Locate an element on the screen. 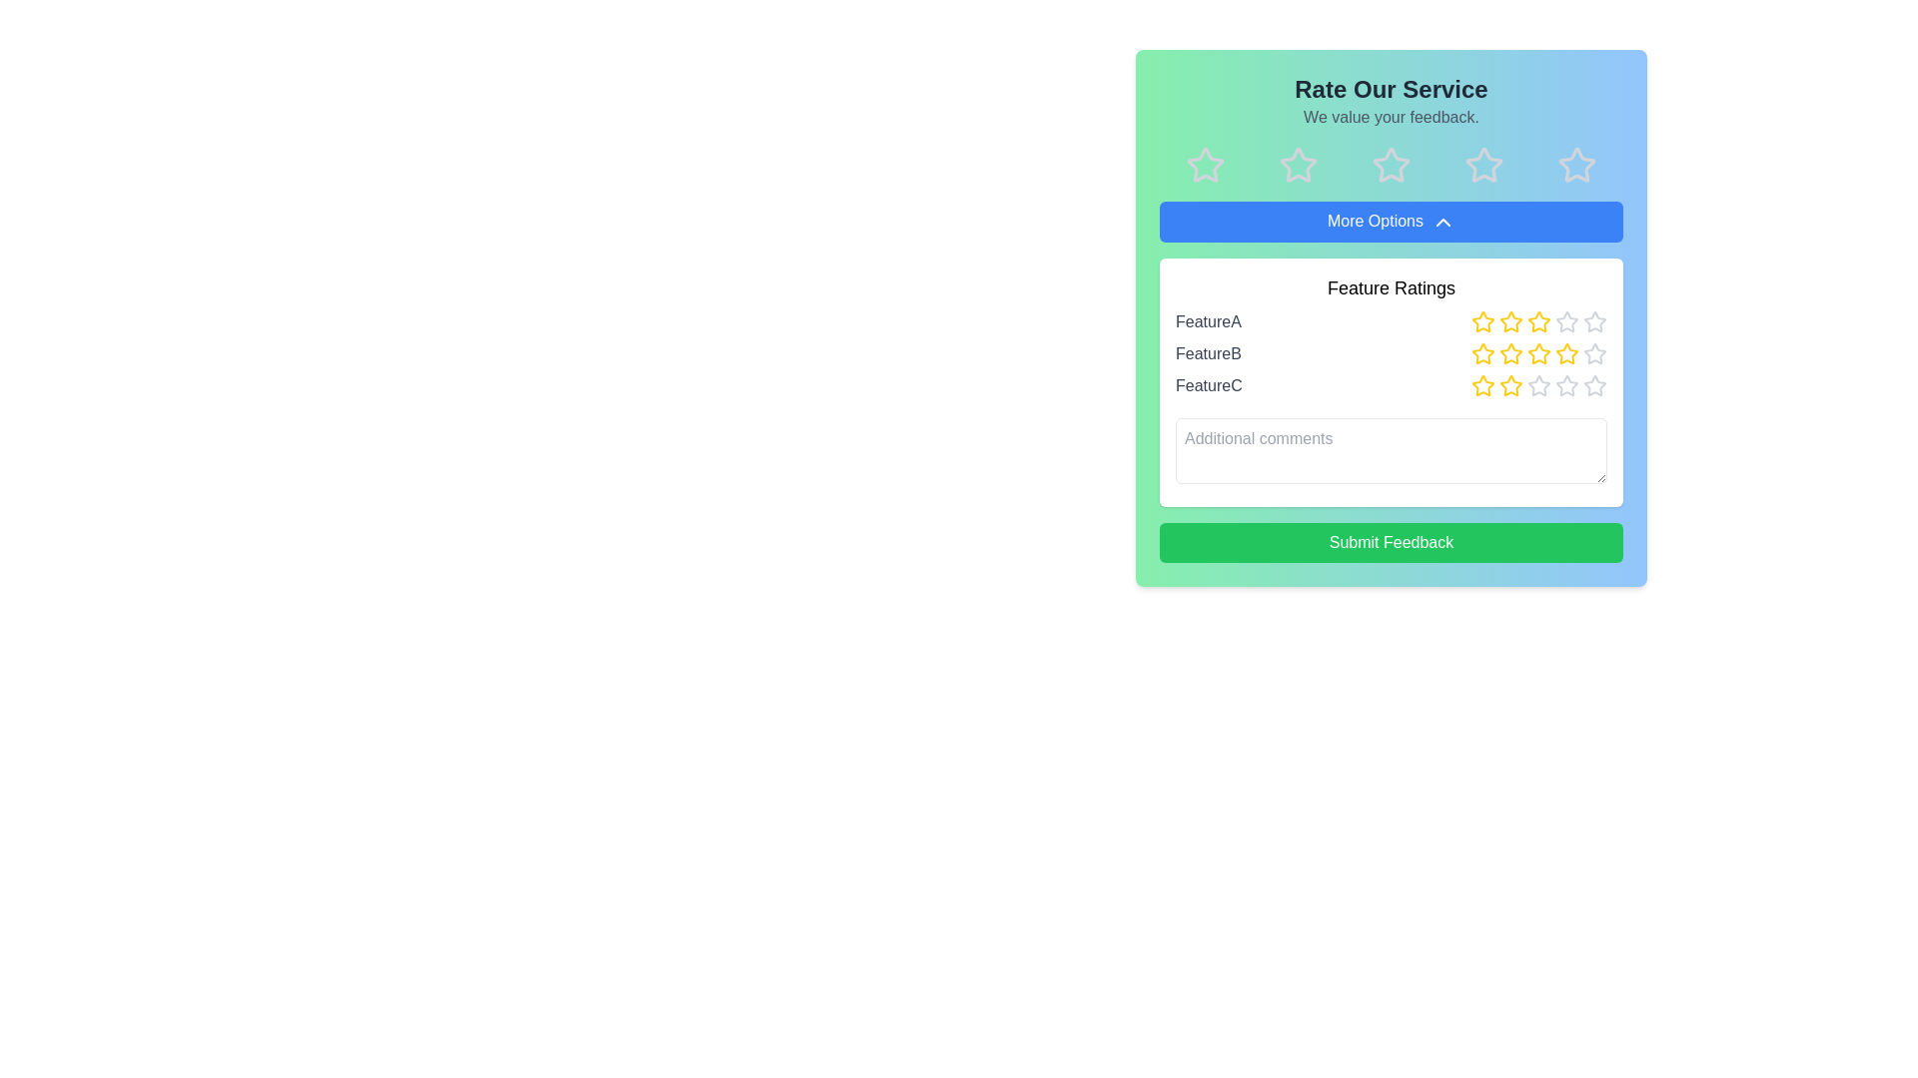  the fifth star-shaped rating icon in the second row under 'Feature Ratings' for 'FeatureA' is located at coordinates (1566, 319).